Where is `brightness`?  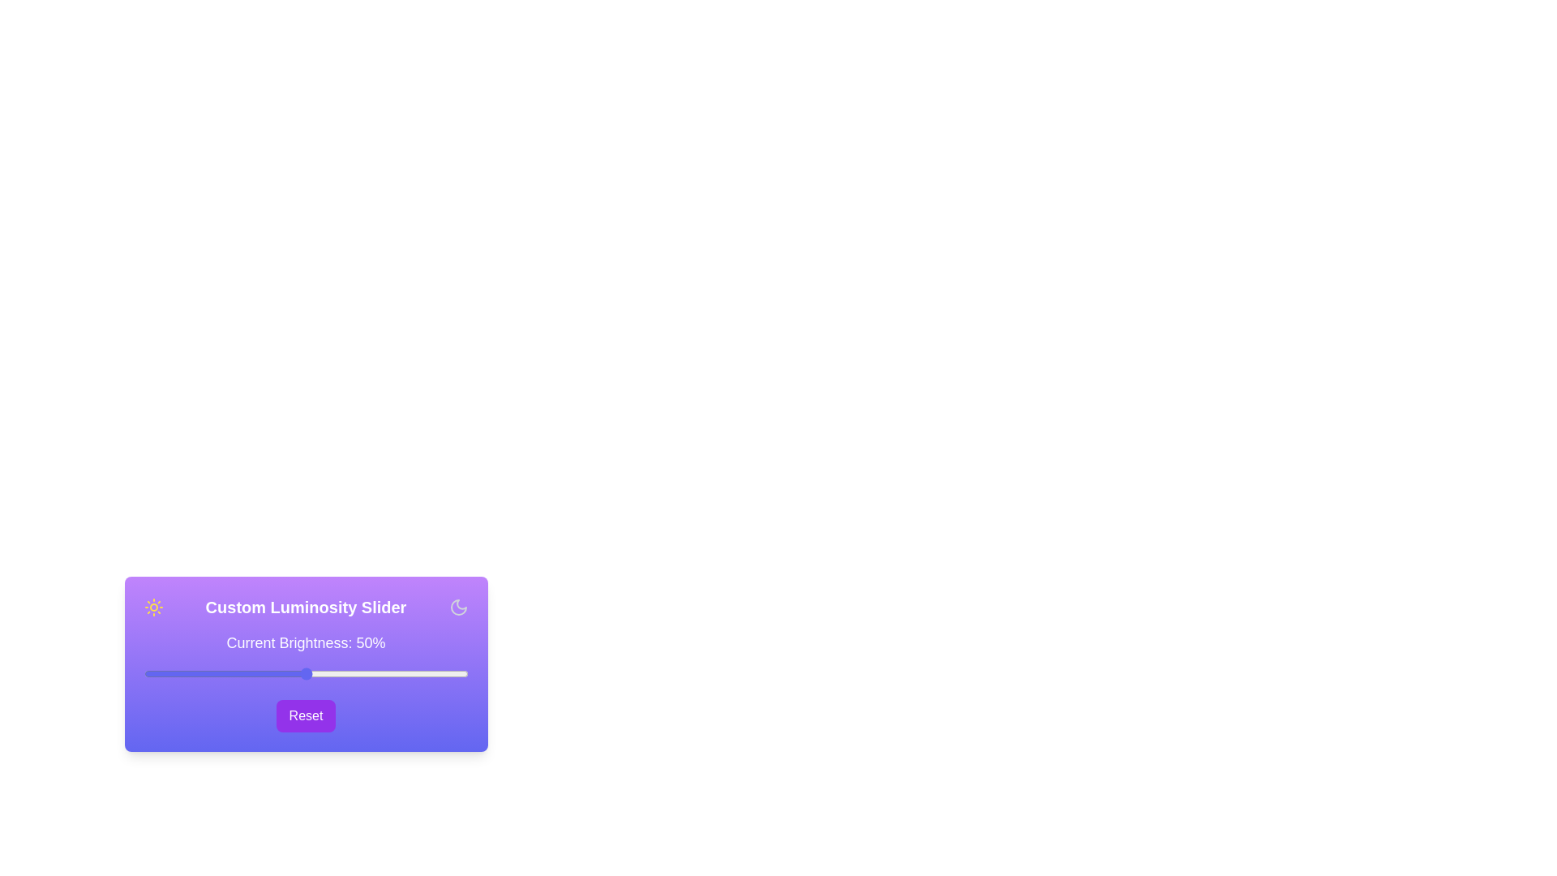
brightness is located at coordinates (435, 673).